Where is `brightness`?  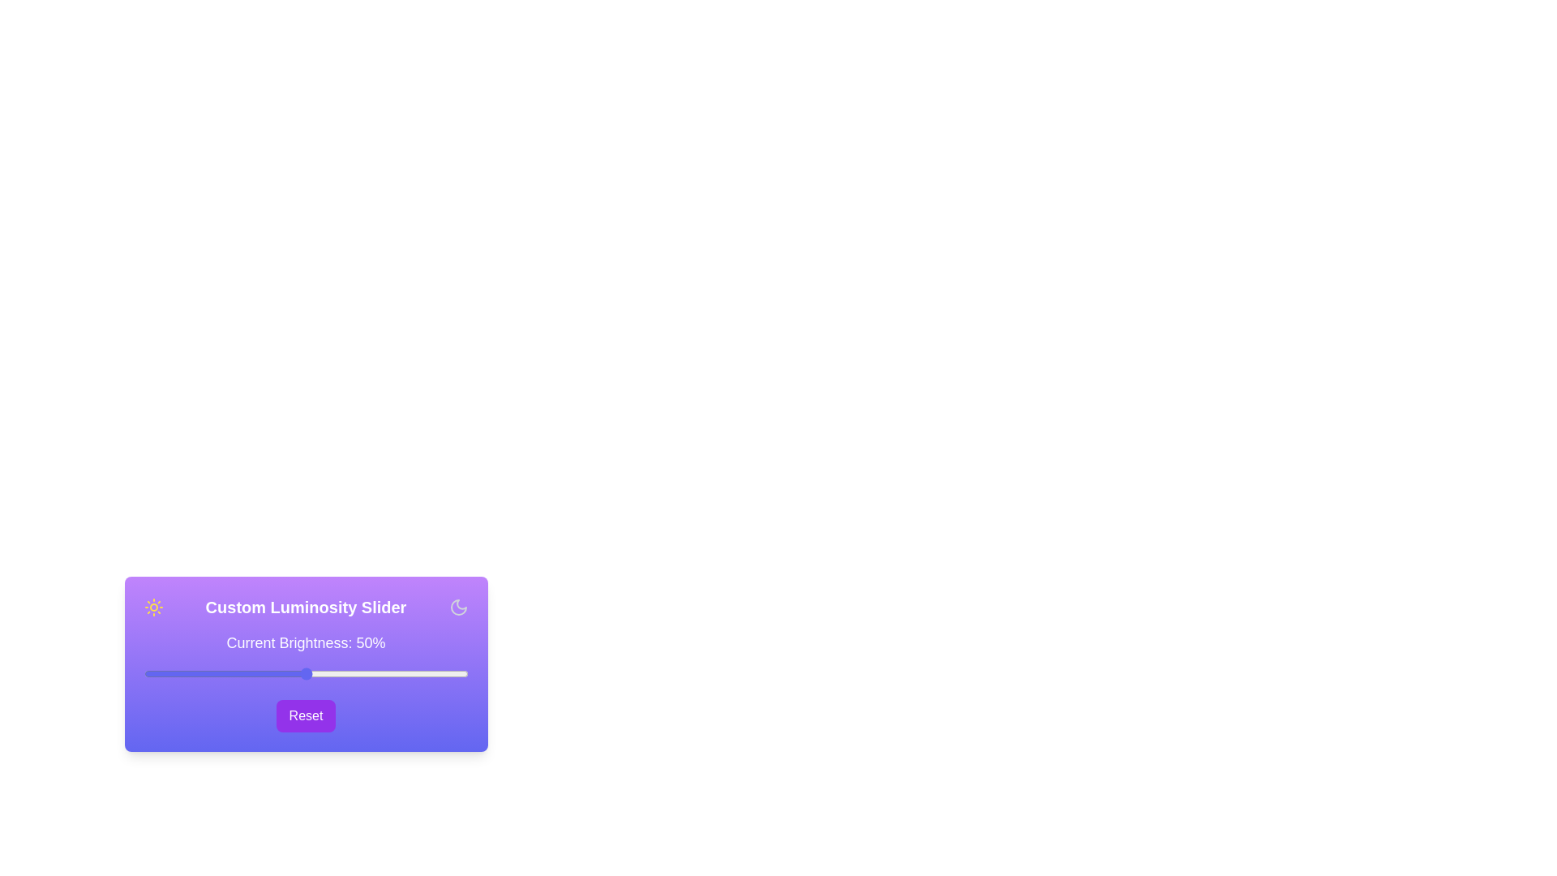
brightness is located at coordinates (435, 673).